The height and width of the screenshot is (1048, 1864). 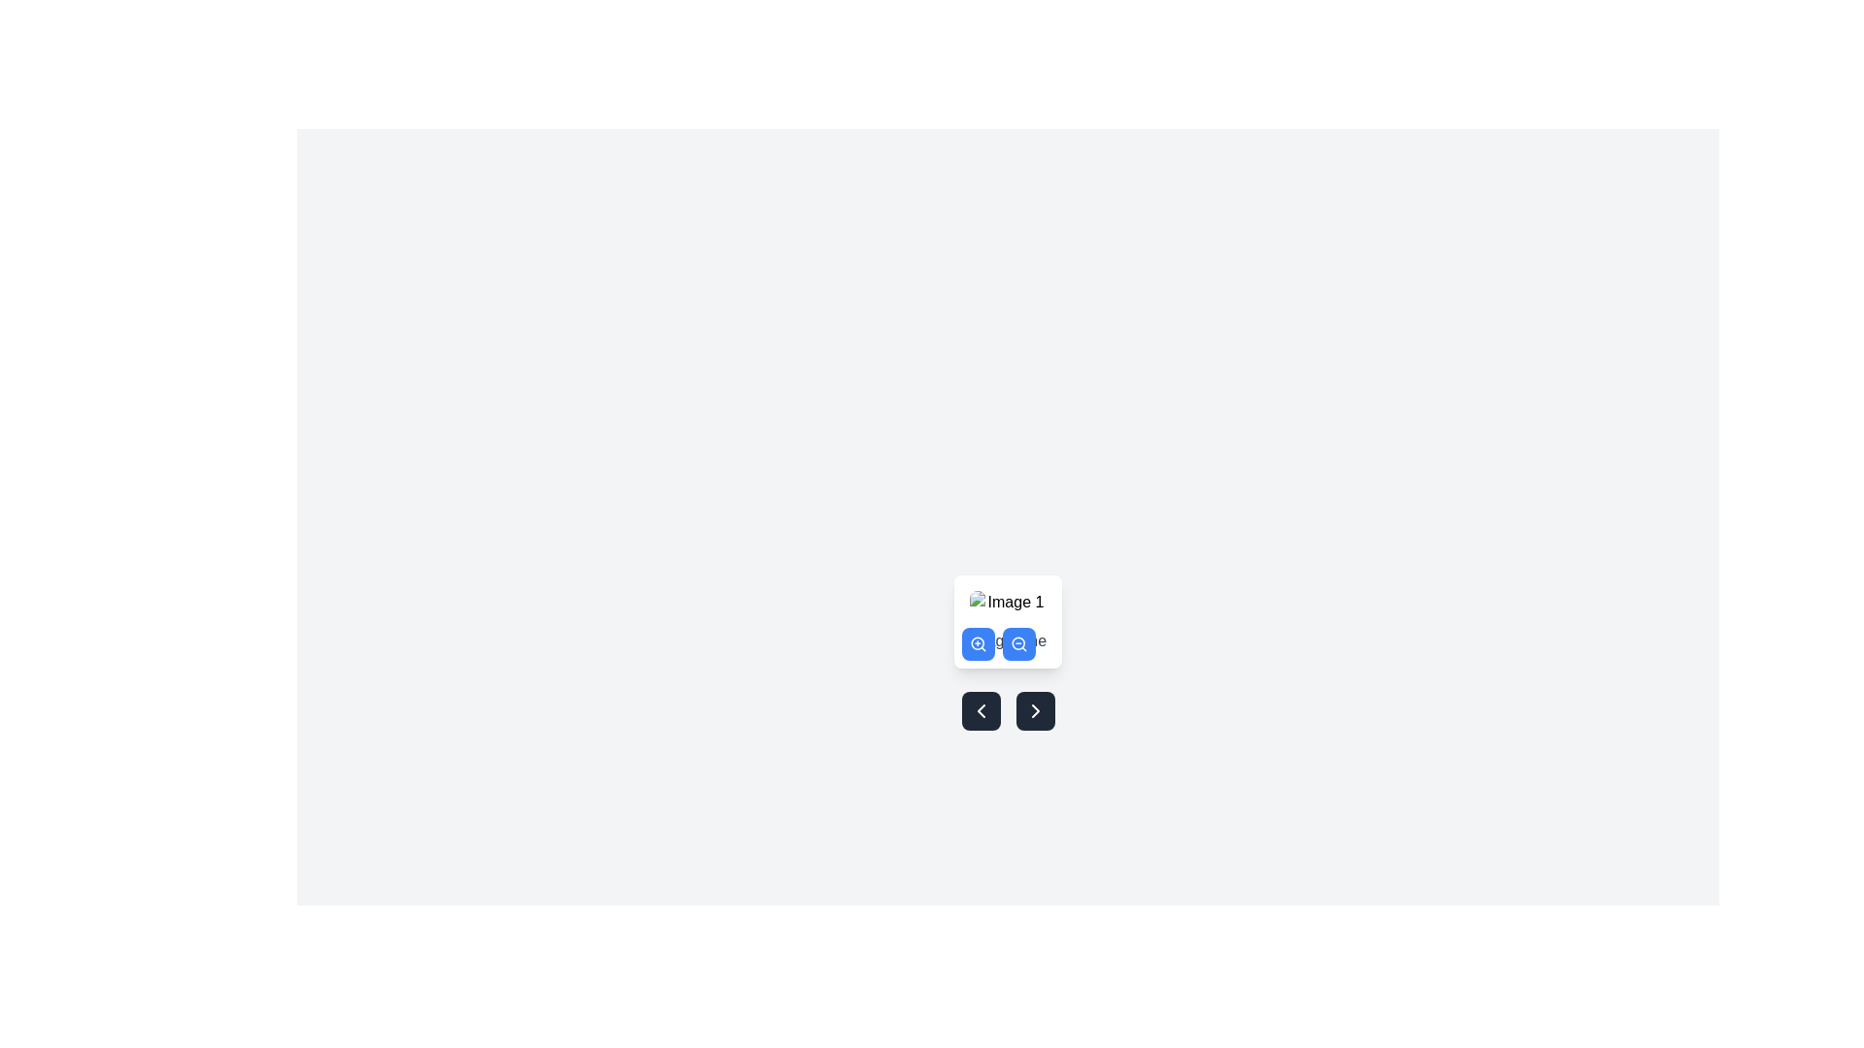 I want to click on the blue circular button with a white magnifying glass icon, so click(x=979, y=643).